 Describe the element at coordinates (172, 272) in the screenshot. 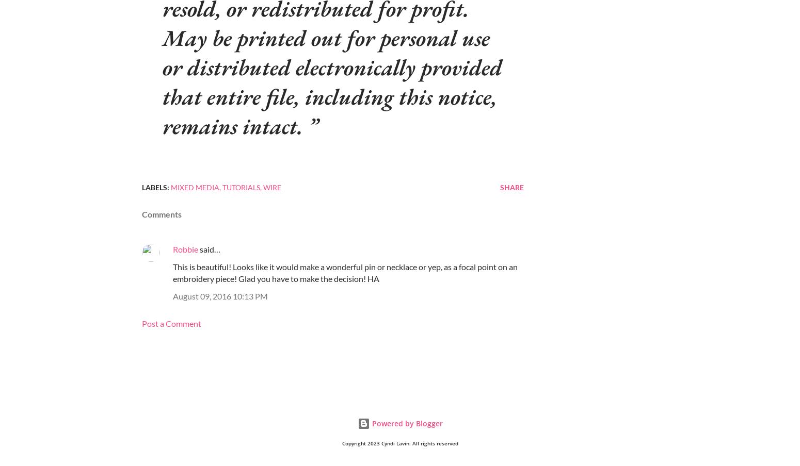

I see `'This is beautiful!  Looks like it would make a wonderful pin or necklace or yep, as a focal point on an embroidery piece!  Glad you have to make the decision! HA'` at that location.